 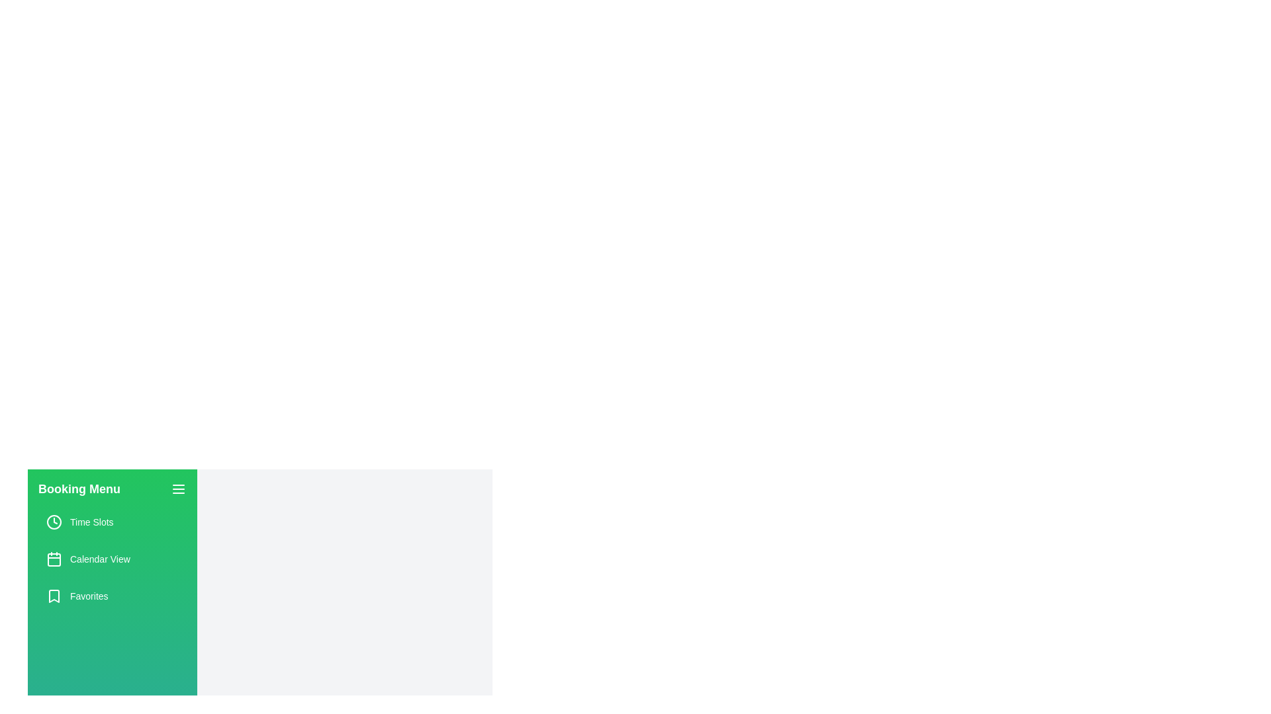 What do you see at coordinates (112, 596) in the screenshot?
I see `the menu option Favorites` at bounding box center [112, 596].